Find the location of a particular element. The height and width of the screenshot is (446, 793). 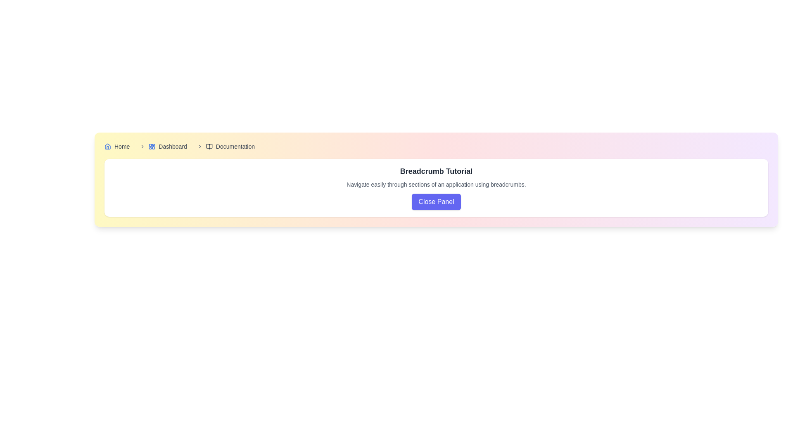

the Decorative SVG icon representing an open book, located next to the 'Documentation' label in the breadcrumb navigation is located at coordinates (209, 146).